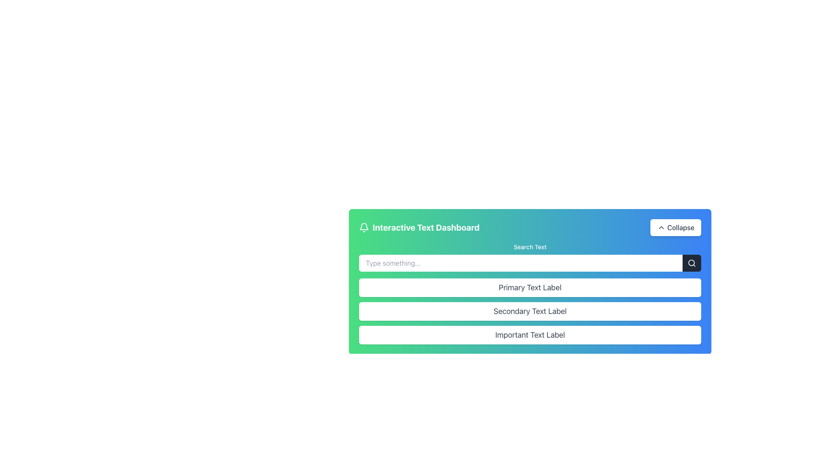 The height and width of the screenshot is (457, 813). What do you see at coordinates (530, 293) in the screenshot?
I see `the 'Primary Text Label' which is a rectangular label with rounded corners and a white background` at bounding box center [530, 293].